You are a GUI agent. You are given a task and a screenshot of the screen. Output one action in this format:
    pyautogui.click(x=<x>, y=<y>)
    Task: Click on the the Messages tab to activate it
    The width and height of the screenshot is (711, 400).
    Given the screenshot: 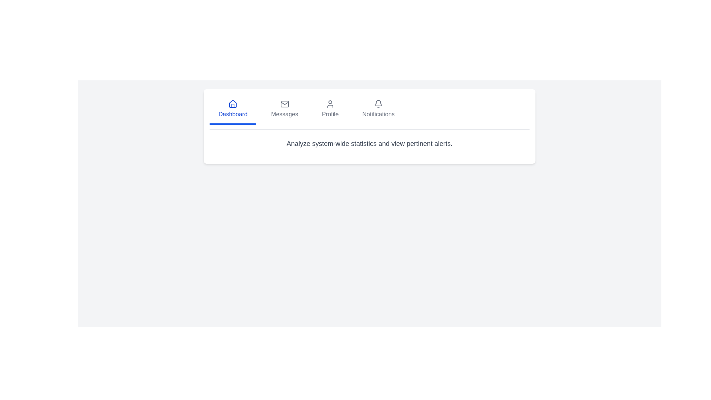 What is the action you would take?
    pyautogui.click(x=284, y=110)
    